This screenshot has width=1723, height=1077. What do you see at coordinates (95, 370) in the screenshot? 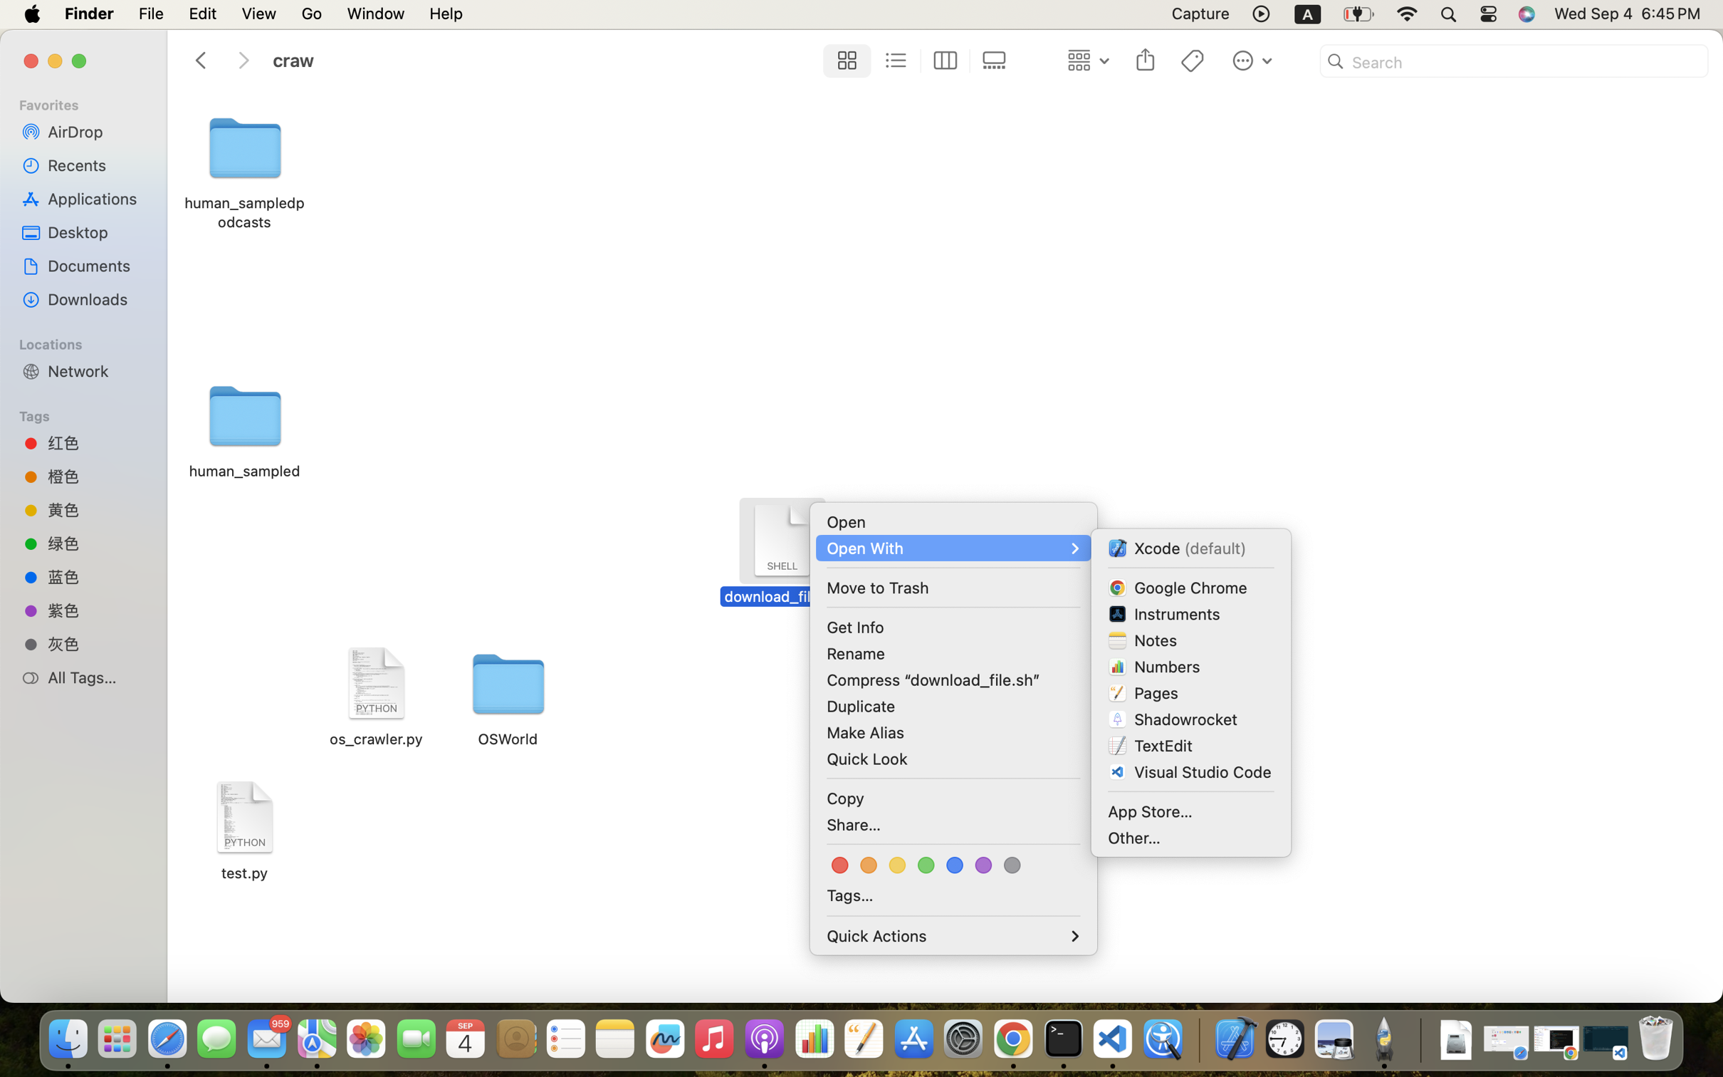
I see `'Network'` at bounding box center [95, 370].